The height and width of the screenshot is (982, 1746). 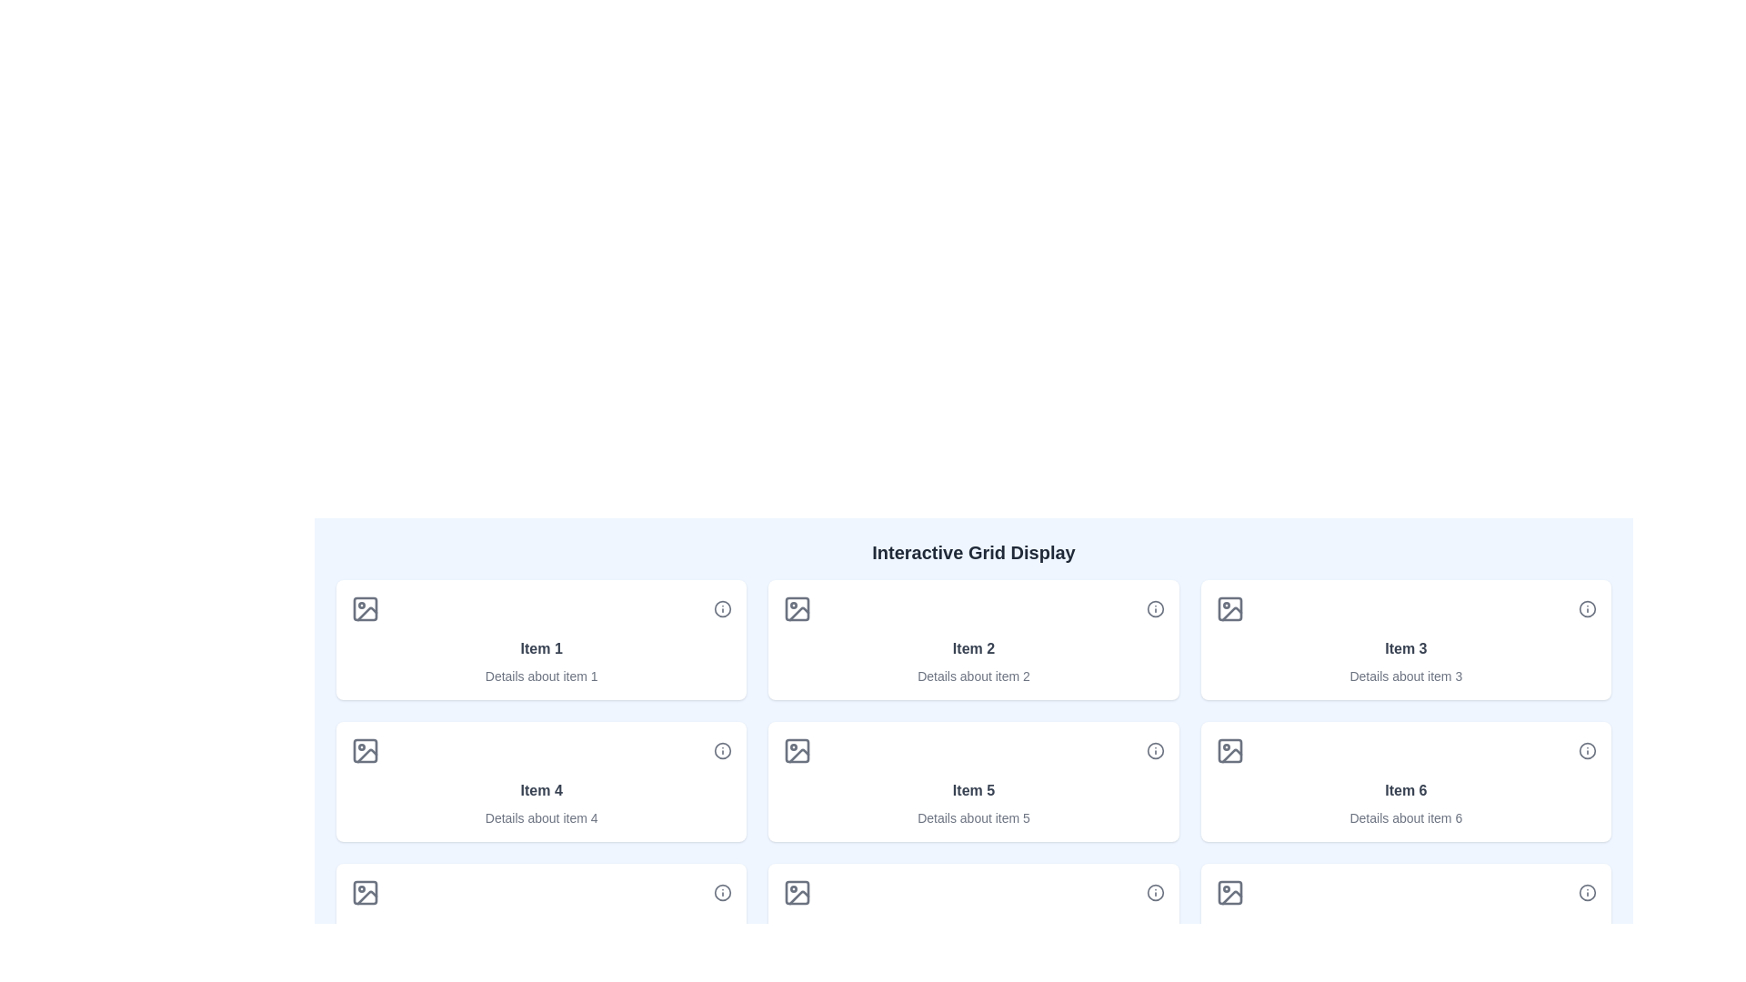 What do you see at coordinates (365, 892) in the screenshot?
I see `the small gray image icon with a circular shape and diagonal line segment, located` at bounding box center [365, 892].